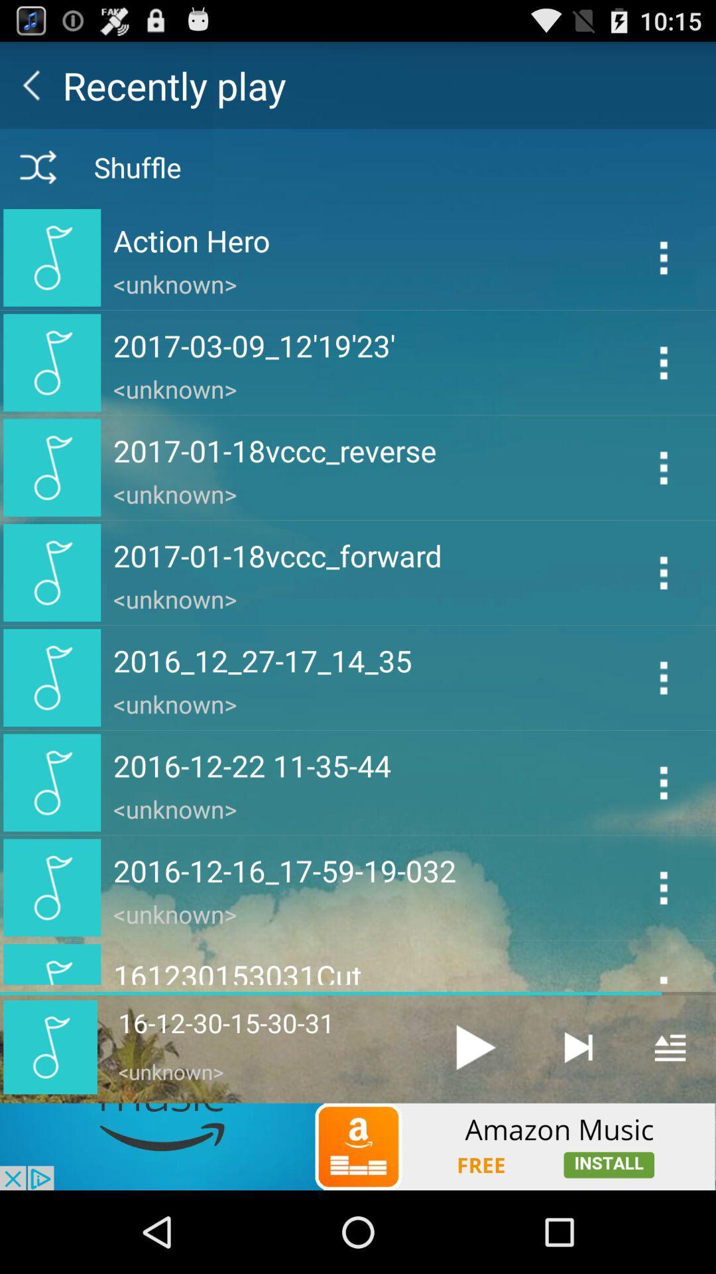  What do you see at coordinates (30, 90) in the screenshot?
I see `the arrow_backward icon` at bounding box center [30, 90].